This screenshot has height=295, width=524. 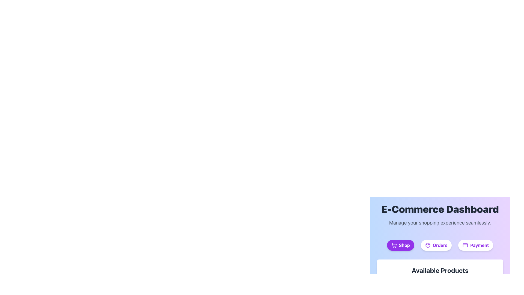 I want to click on the decorative icon associated with the 'Orders' button, which visually reinforces its purpose and is styled with a rounded, white background and purple text, so click(x=427, y=245).